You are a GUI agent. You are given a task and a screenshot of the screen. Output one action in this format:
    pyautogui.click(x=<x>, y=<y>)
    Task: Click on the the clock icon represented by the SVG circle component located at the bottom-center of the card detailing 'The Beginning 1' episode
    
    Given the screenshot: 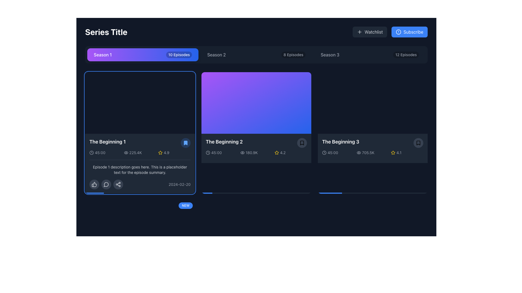 What is the action you would take?
    pyautogui.click(x=91, y=153)
    